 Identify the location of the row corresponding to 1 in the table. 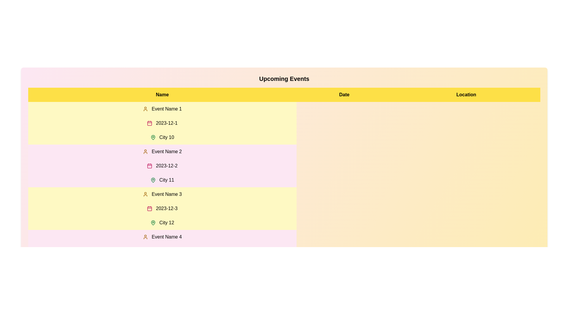
(162, 123).